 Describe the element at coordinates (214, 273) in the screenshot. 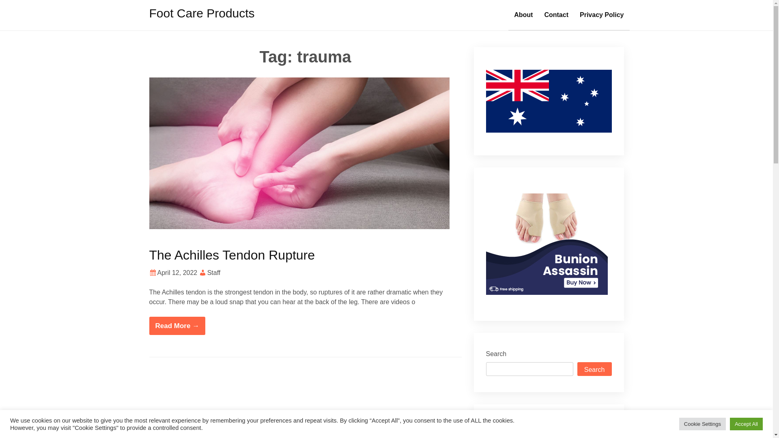

I see `'Staff'` at that location.